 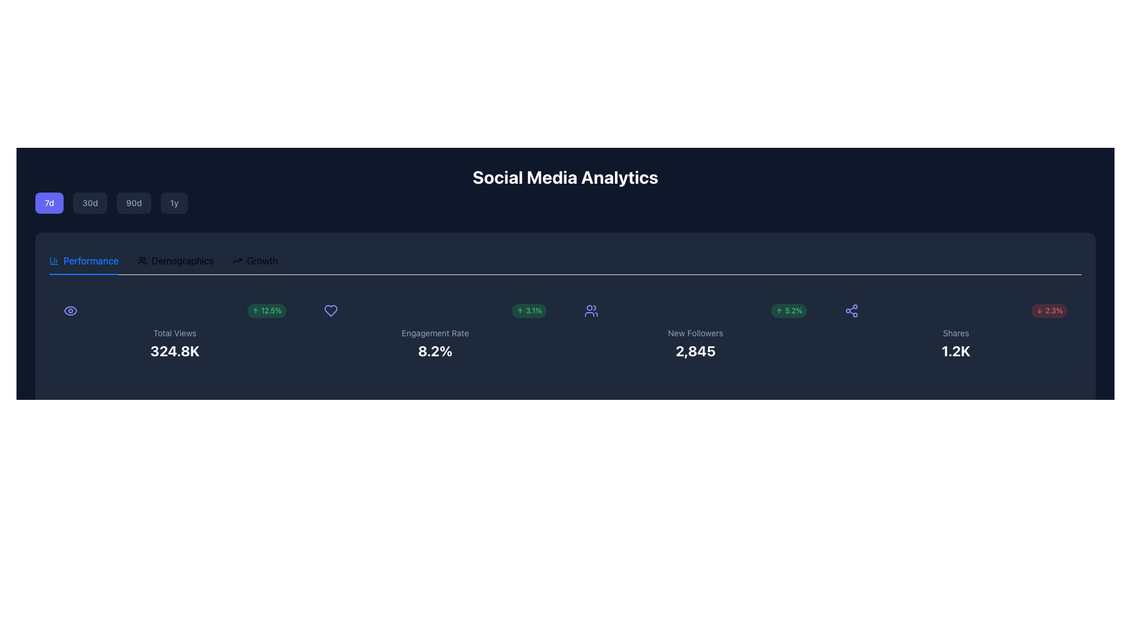 I want to click on the icon representing a group of people, which is located next to the text labeled 'Demographics' in the navigation bar, so click(x=141, y=260).